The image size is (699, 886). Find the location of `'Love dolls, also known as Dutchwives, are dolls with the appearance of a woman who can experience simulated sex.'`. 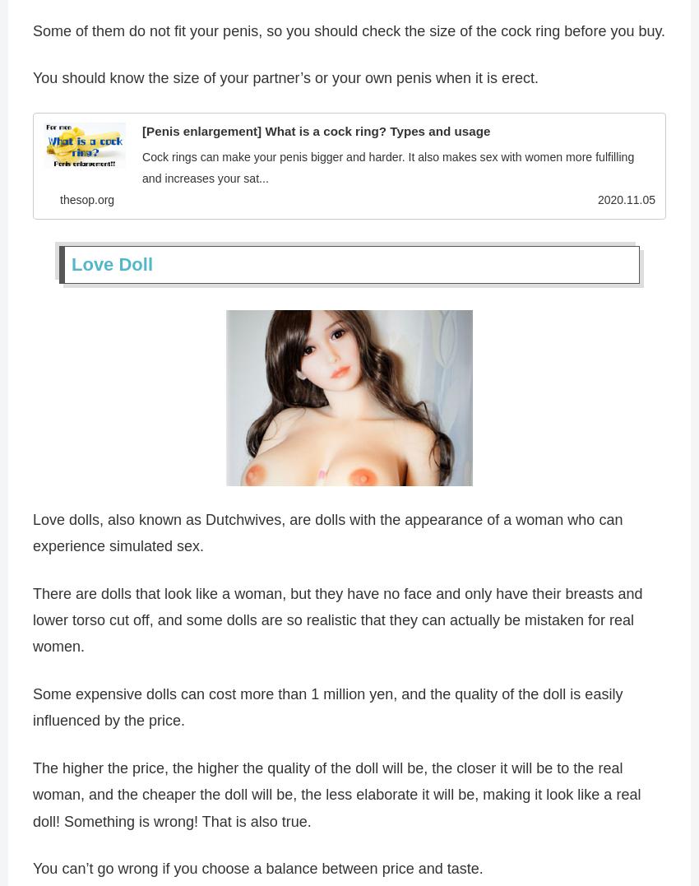

'Love dolls, also known as Dutchwives, are dolls with the appearance of a woman who can experience simulated sex.' is located at coordinates (32, 536).